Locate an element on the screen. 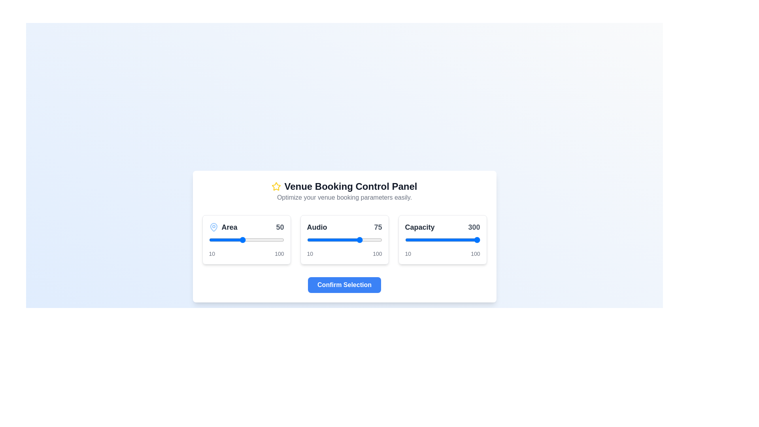 The width and height of the screenshot is (759, 427). the decorative icon indicating the 'Area' location, which is positioned before the label 'Area' and followed by the numerical indicator '50' is located at coordinates (213, 227).